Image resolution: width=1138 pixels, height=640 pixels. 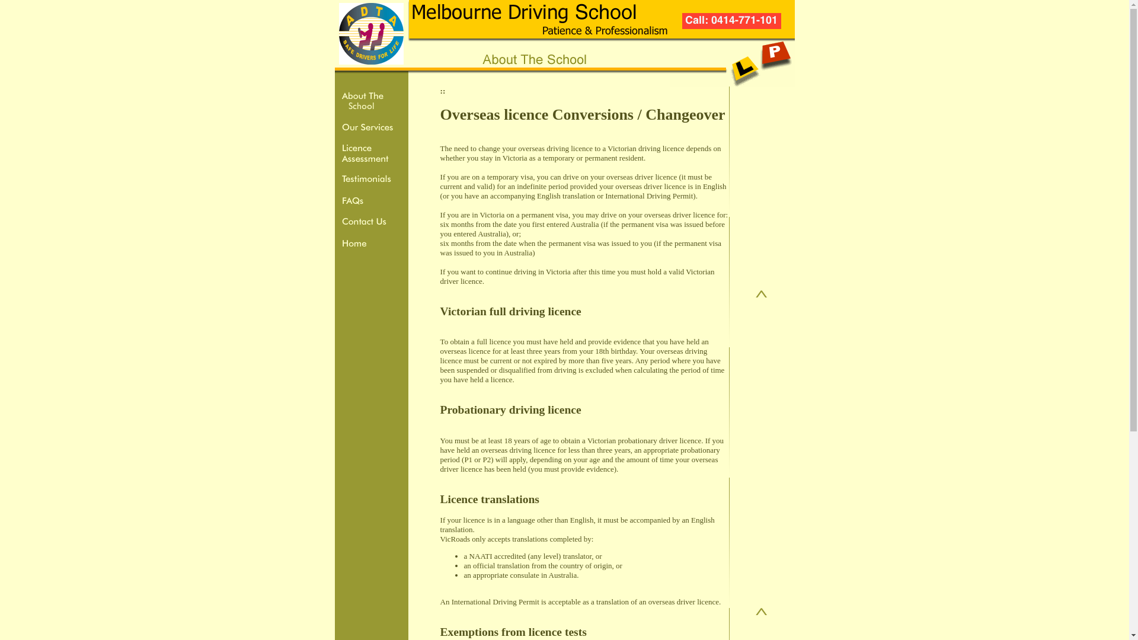 I want to click on '::', so click(x=442, y=90).